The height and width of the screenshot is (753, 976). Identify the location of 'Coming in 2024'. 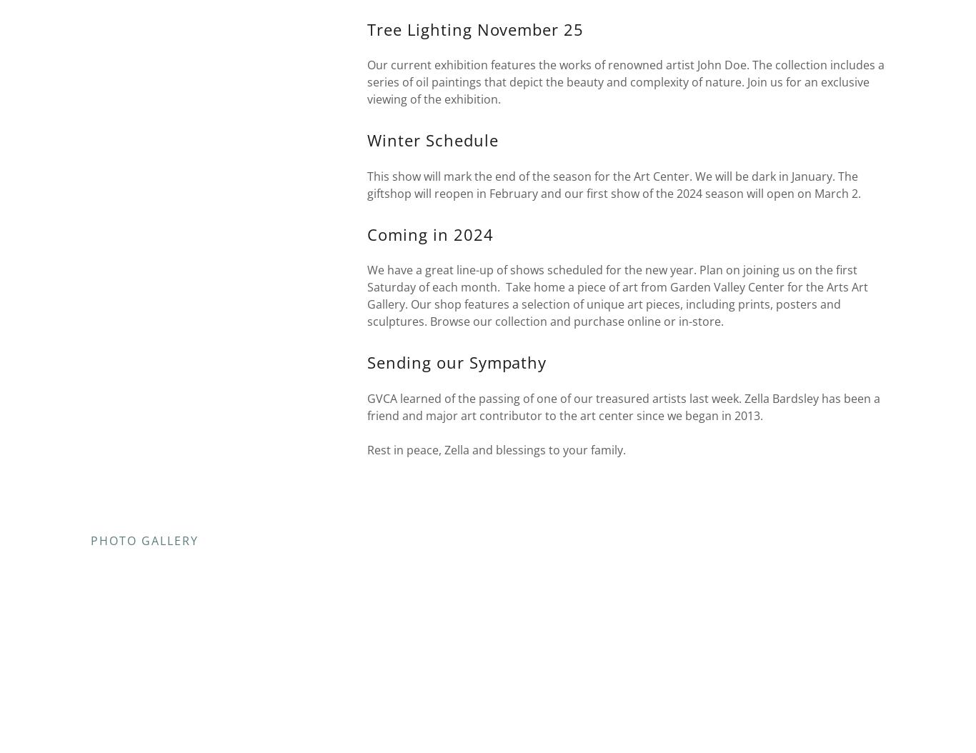
(429, 233).